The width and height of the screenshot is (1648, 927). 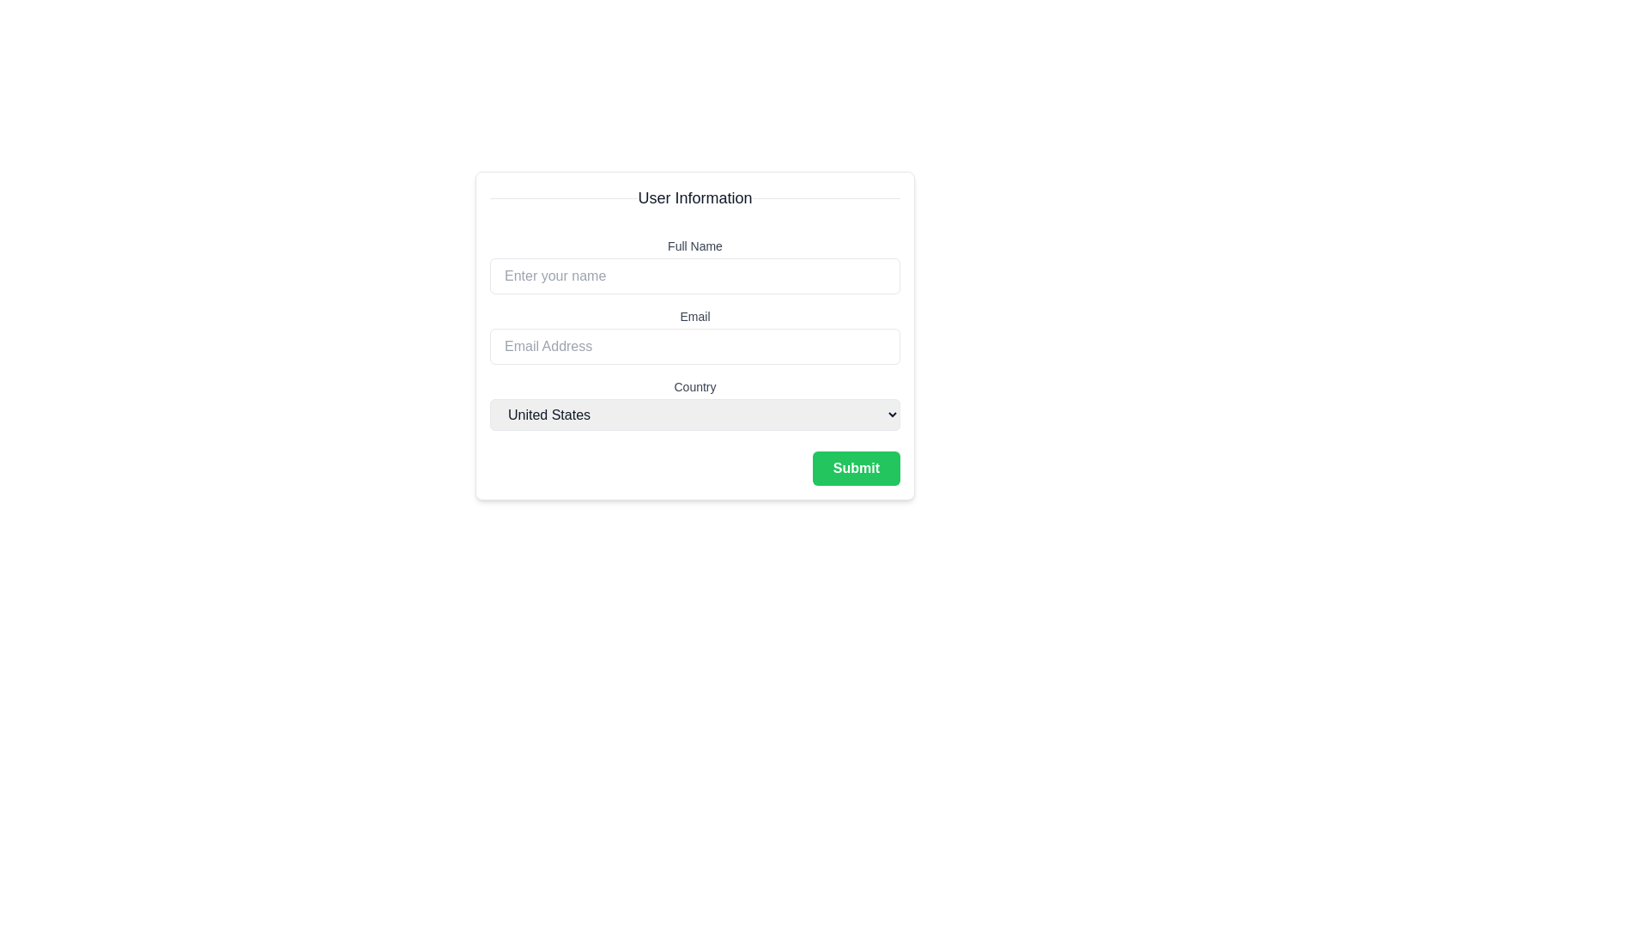 I want to click on the 'Submit' button with bold white text on a bright green background, so click(x=856, y=469).